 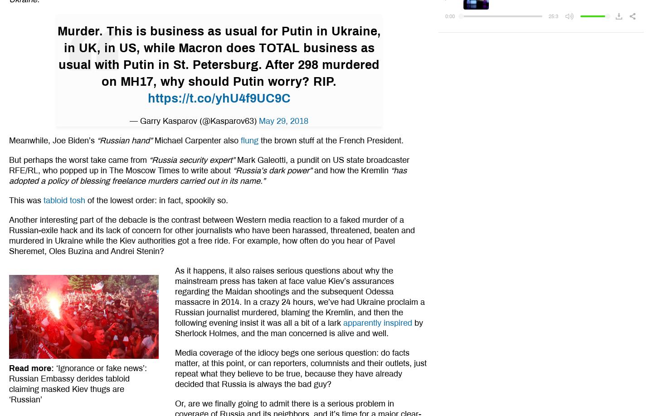 I want to click on '“Russia security expert”', so click(x=191, y=159).